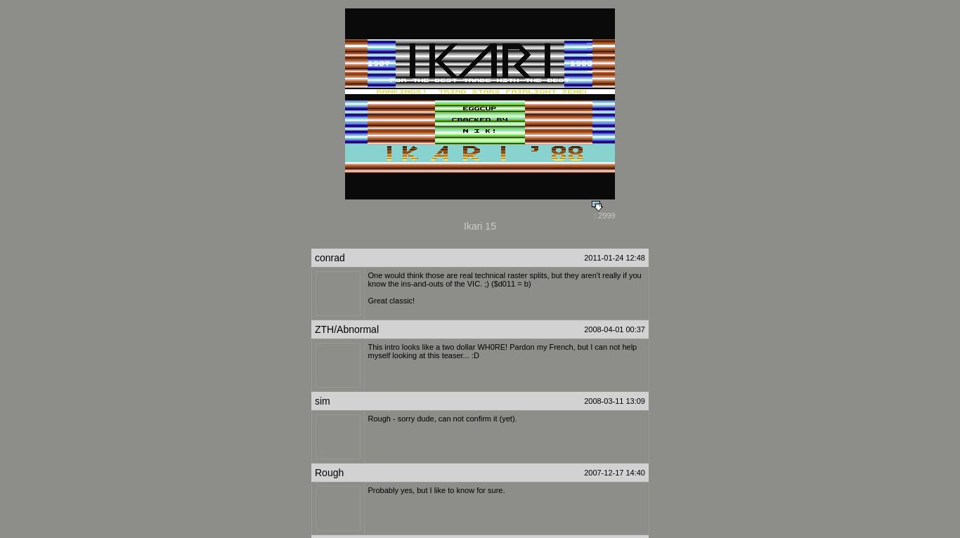 The image size is (960, 538). I want to click on '2007-12-17 14:40', so click(614, 473).